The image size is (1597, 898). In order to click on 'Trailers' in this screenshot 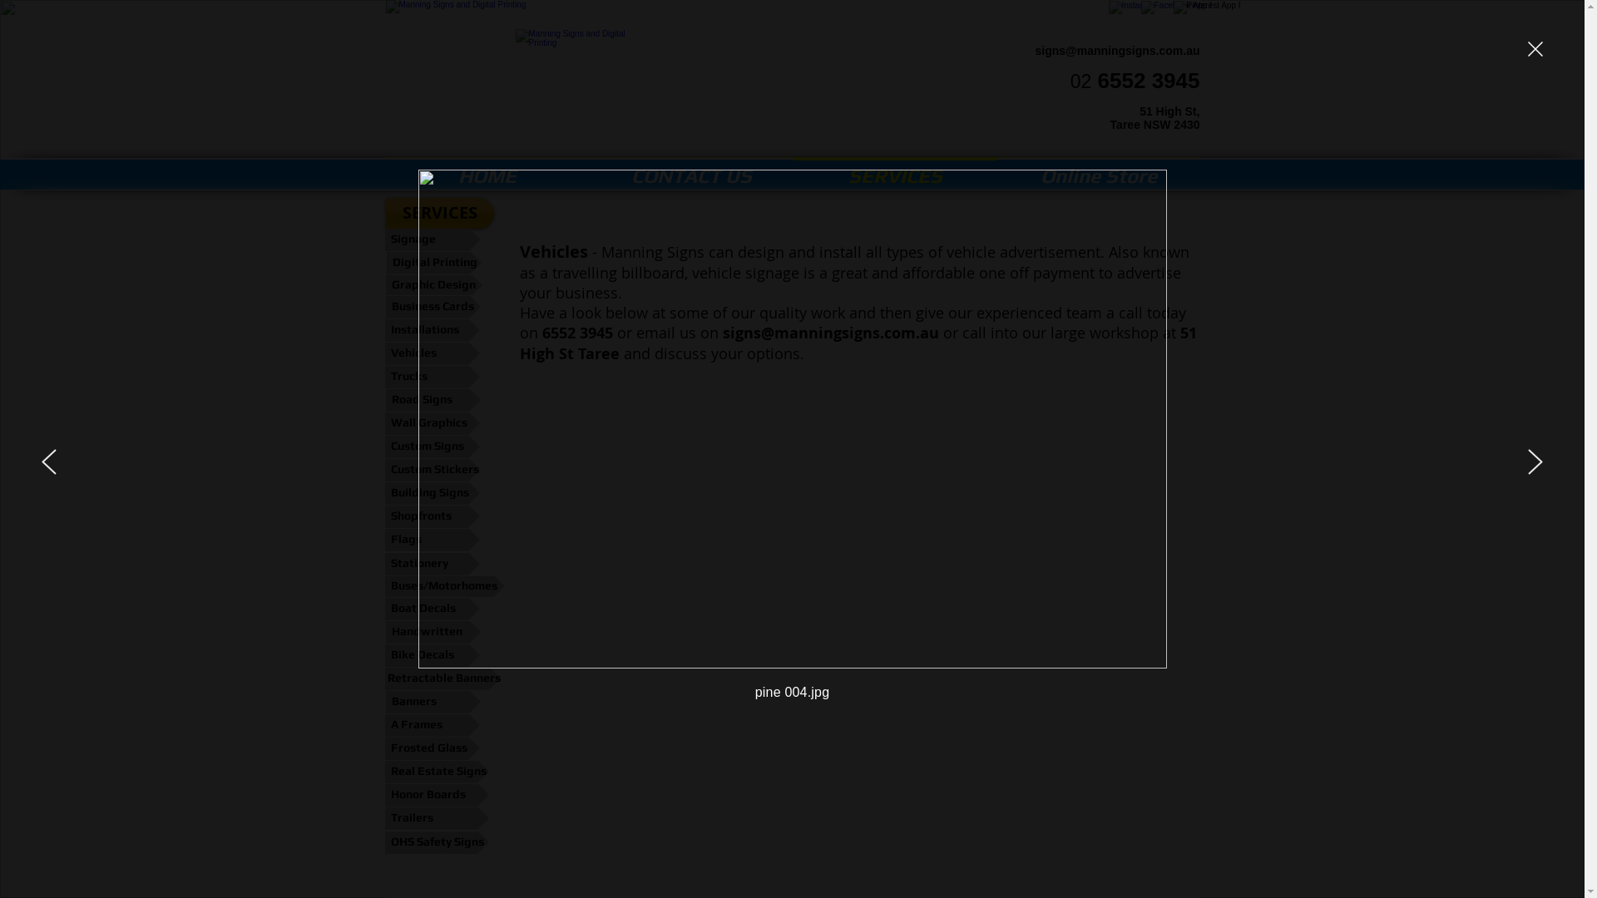, I will do `click(436, 817)`.